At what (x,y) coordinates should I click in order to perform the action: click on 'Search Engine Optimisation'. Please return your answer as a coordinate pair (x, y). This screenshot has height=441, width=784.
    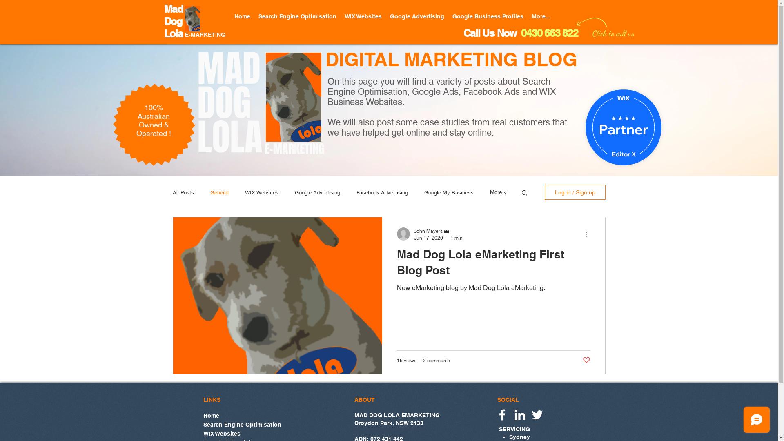
    Looking at the image, I should click on (242, 423).